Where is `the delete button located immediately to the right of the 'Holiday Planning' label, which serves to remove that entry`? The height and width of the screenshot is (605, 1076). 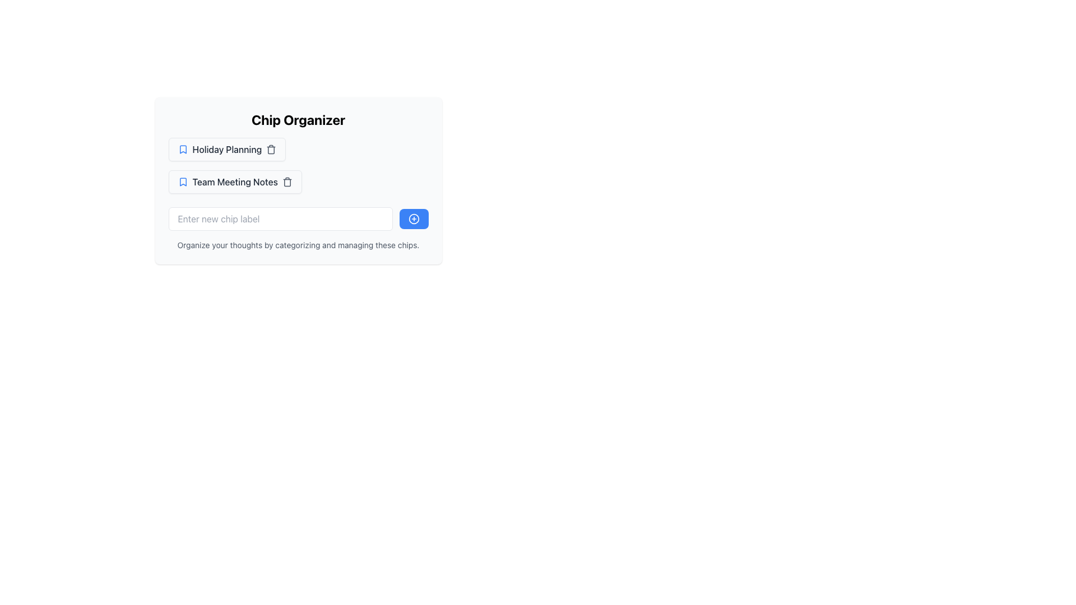 the delete button located immediately to the right of the 'Holiday Planning' label, which serves to remove that entry is located at coordinates (271, 148).